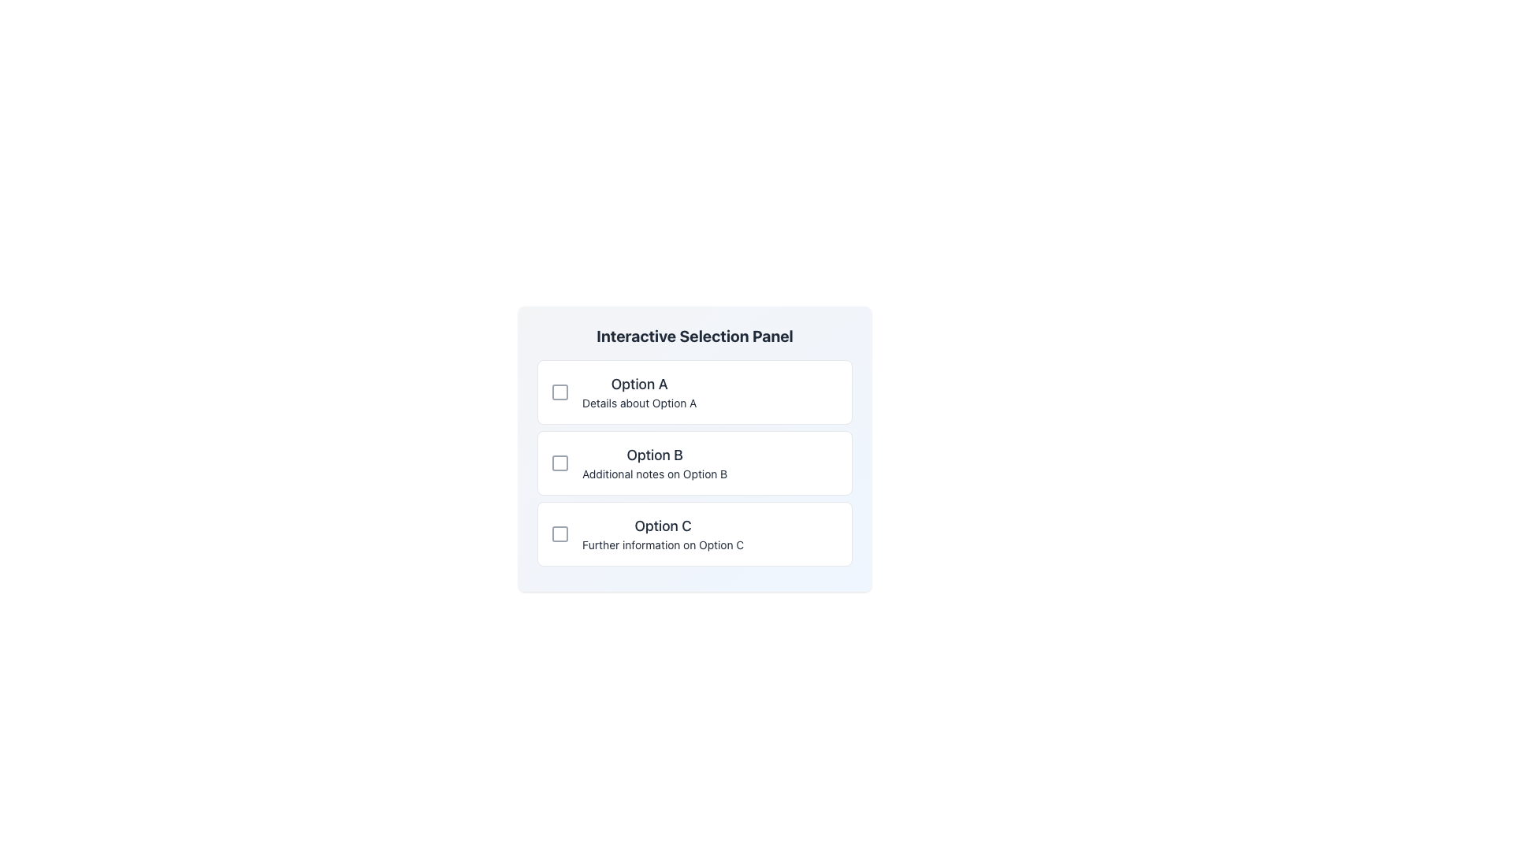  What do you see at coordinates (639, 391) in the screenshot?
I see `the first option labeled 'Option A' in the interactive selection panel` at bounding box center [639, 391].